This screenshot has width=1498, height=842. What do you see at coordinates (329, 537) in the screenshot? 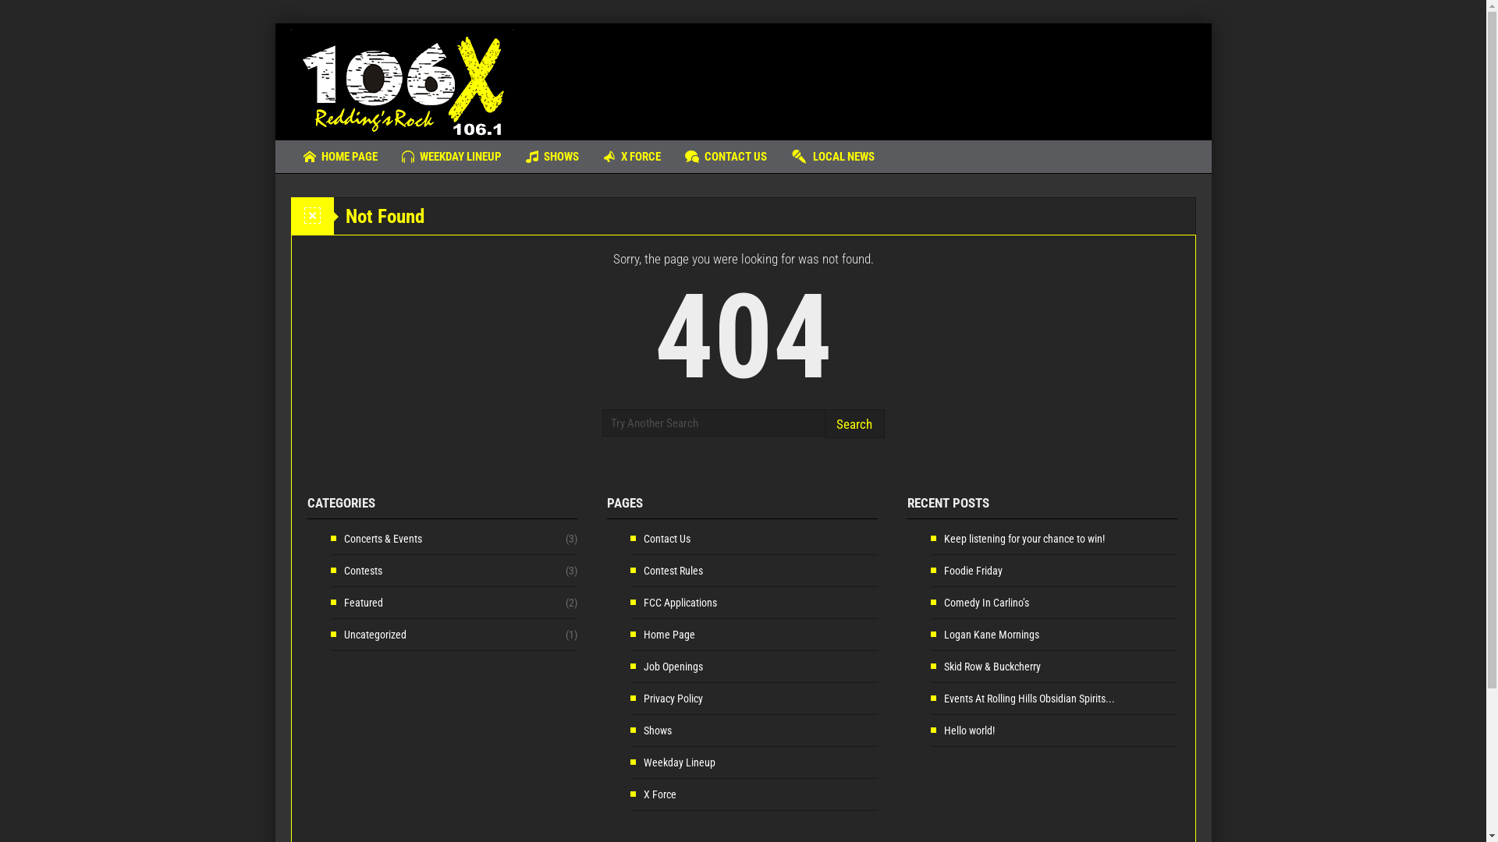
I see `'Concerts & Events'` at bounding box center [329, 537].